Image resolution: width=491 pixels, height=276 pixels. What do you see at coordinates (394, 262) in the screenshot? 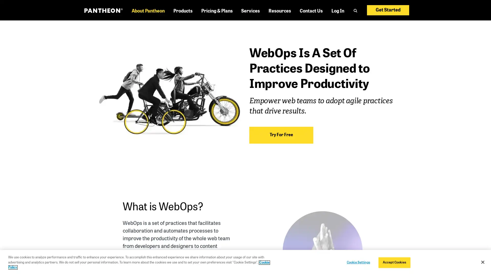
I see `Accept Cookies` at bounding box center [394, 262].